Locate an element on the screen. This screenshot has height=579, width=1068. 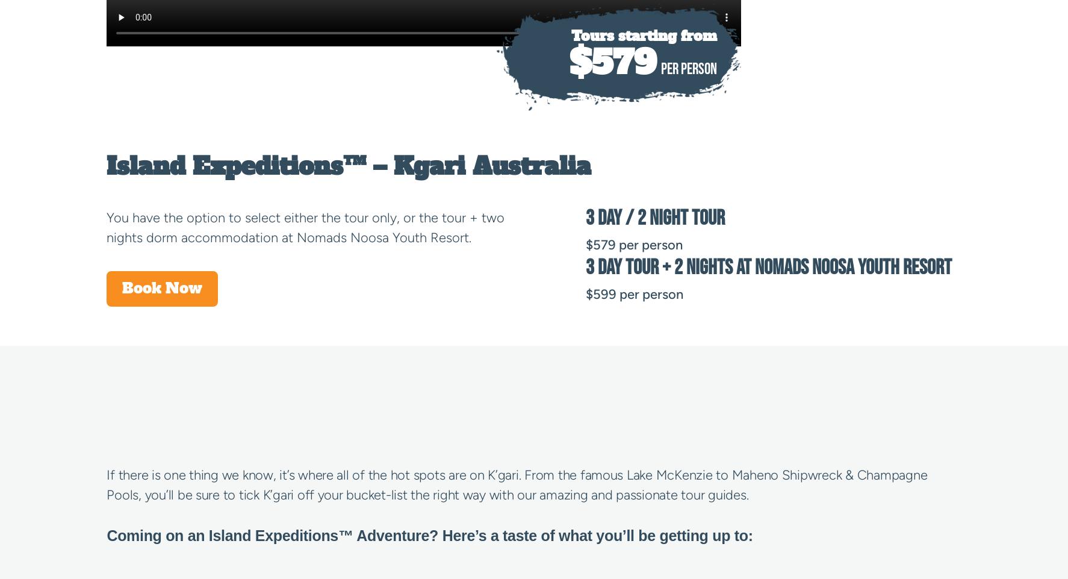
'PER PERSON' is located at coordinates (687, 69).